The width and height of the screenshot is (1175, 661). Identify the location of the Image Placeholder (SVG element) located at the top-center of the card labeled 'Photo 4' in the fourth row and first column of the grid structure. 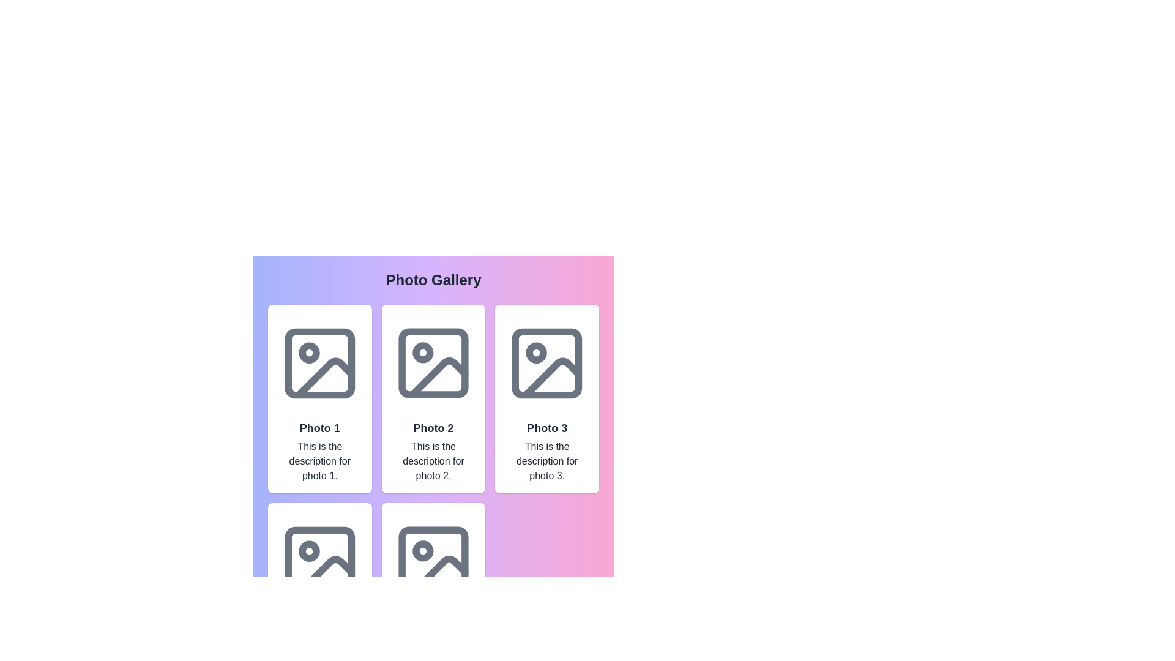
(319, 562).